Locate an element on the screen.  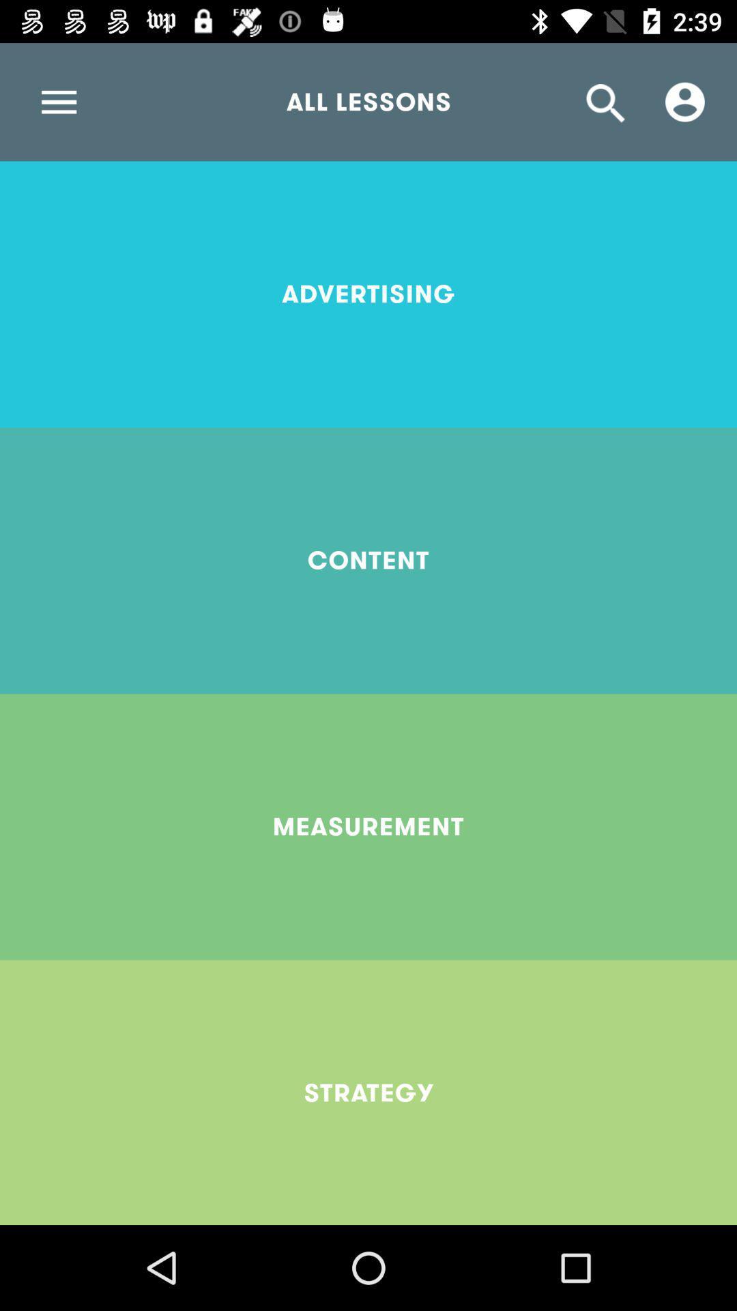
icon at the top left corner is located at coordinates (58, 101).